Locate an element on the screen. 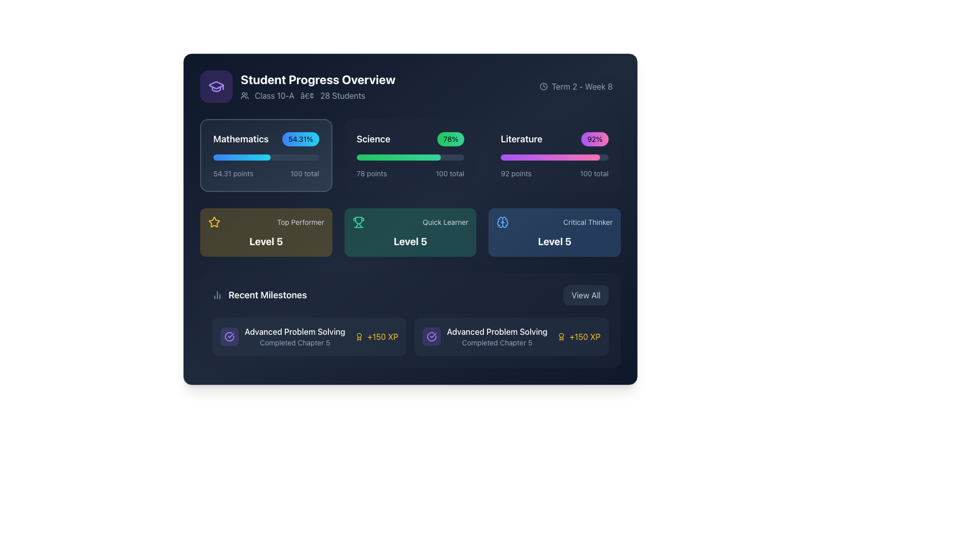 The height and width of the screenshot is (547, 973). the 'Science' text label is located at coordinates (372, 139).